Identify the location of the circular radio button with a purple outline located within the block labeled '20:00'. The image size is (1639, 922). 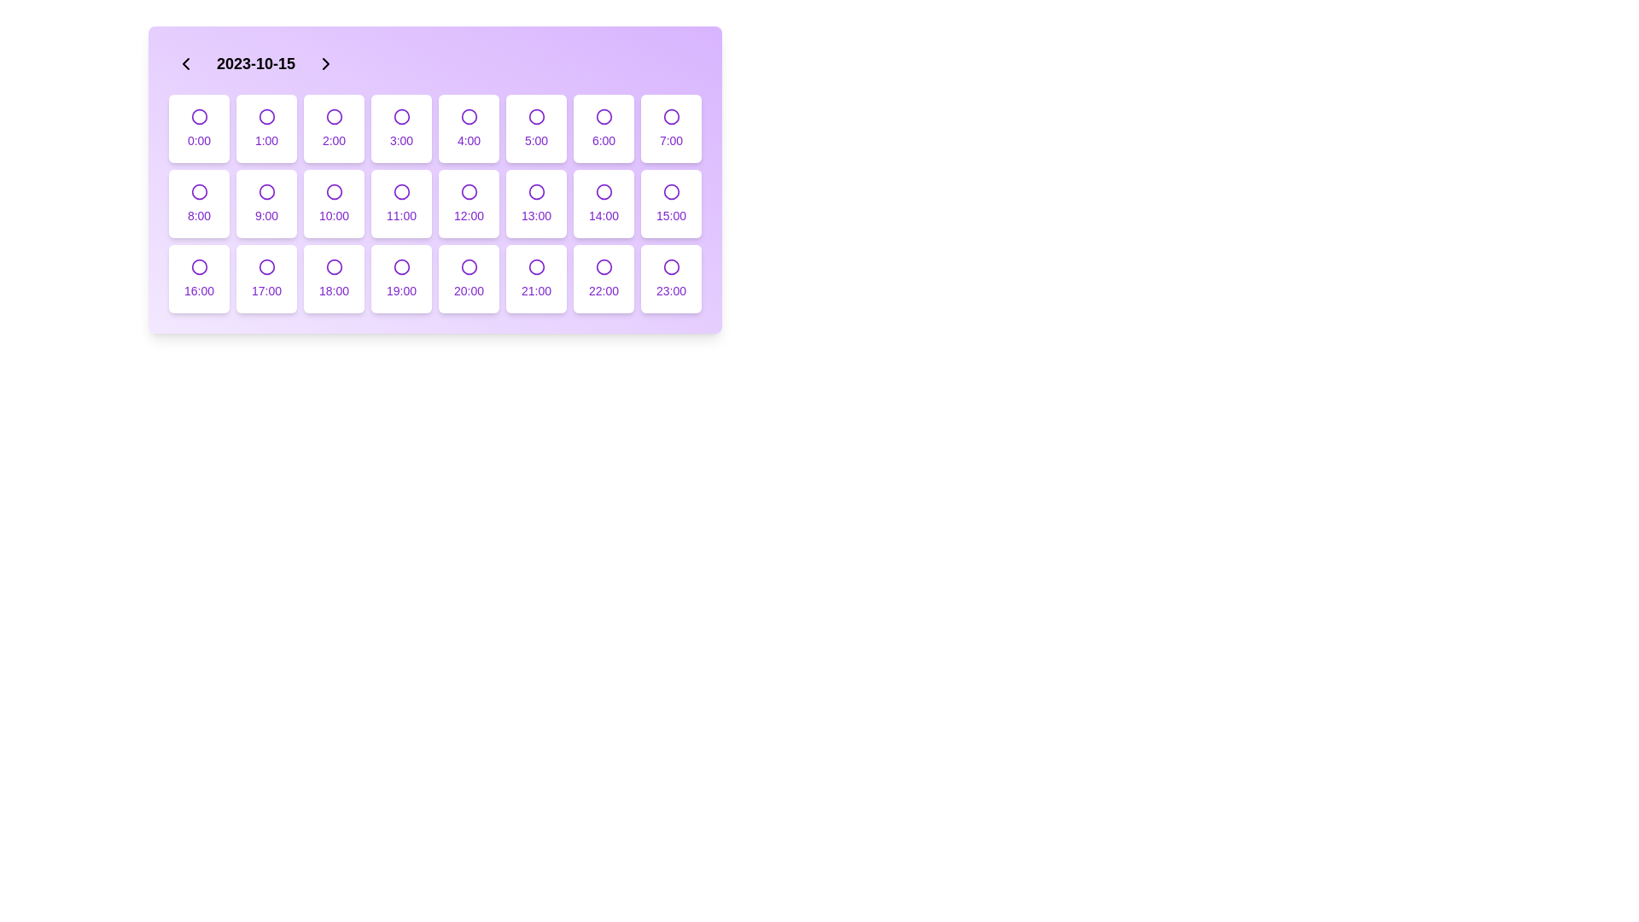
(469, 266).